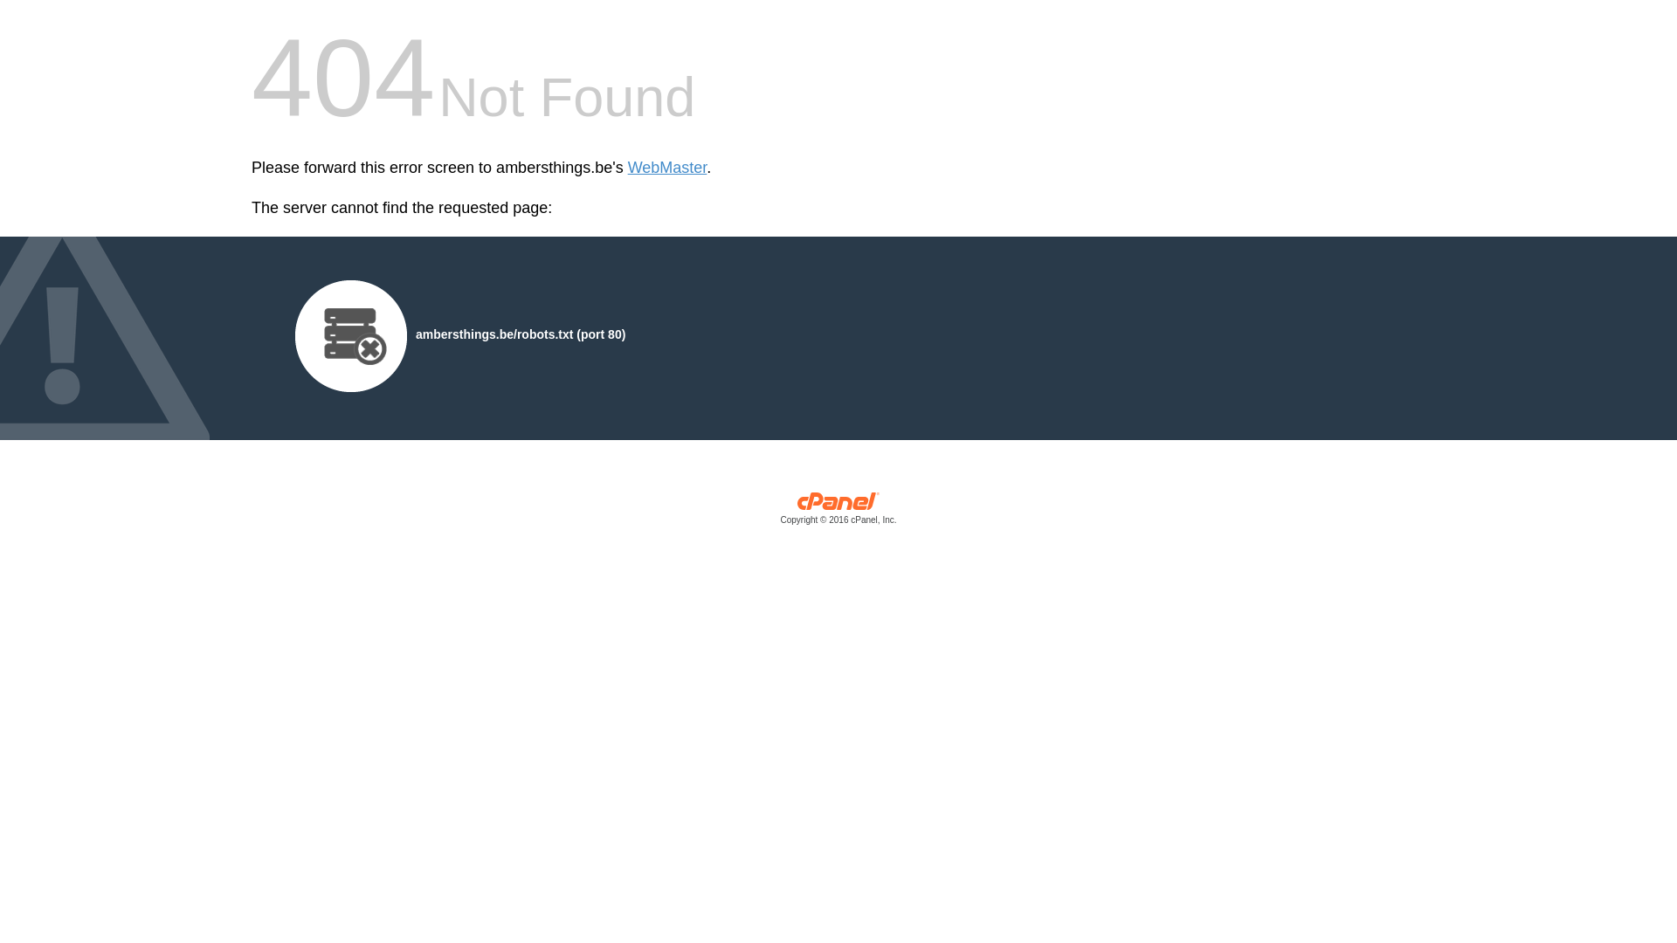  What do you see at coordinates (666, 168) in the screenshot?
I see `'WebMaster'` at bounding box center [666, 168].